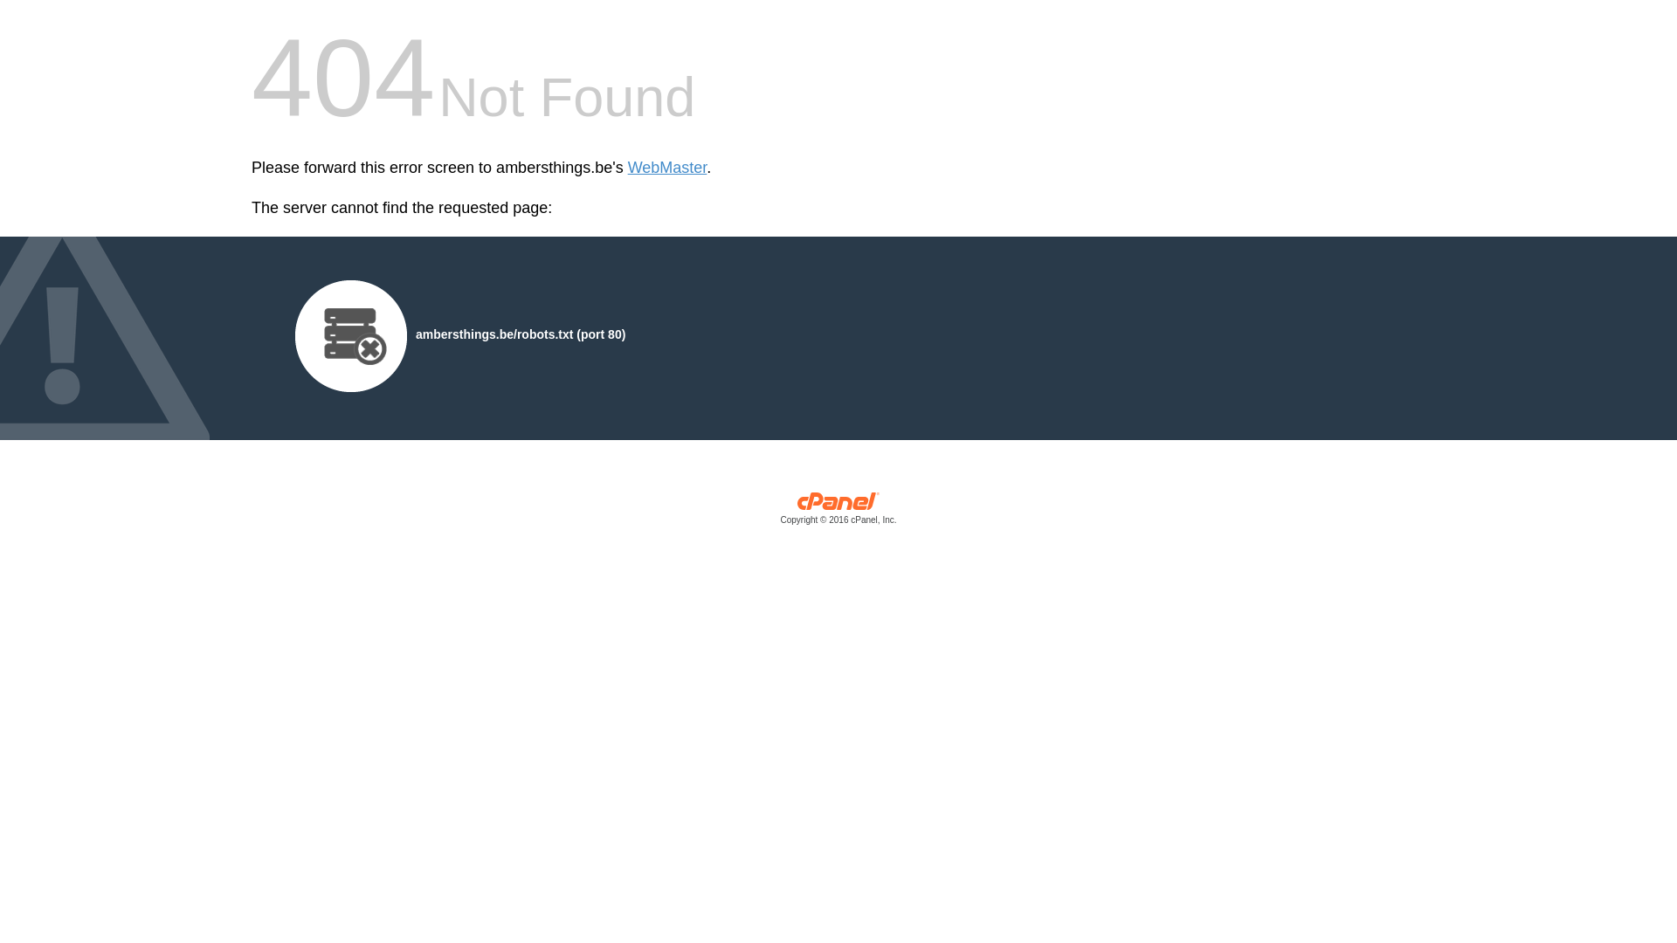  What do you see at coordinates (666, 168) in the screenshot?
I see `'WebMaster'` at bounding box center [666, 168].